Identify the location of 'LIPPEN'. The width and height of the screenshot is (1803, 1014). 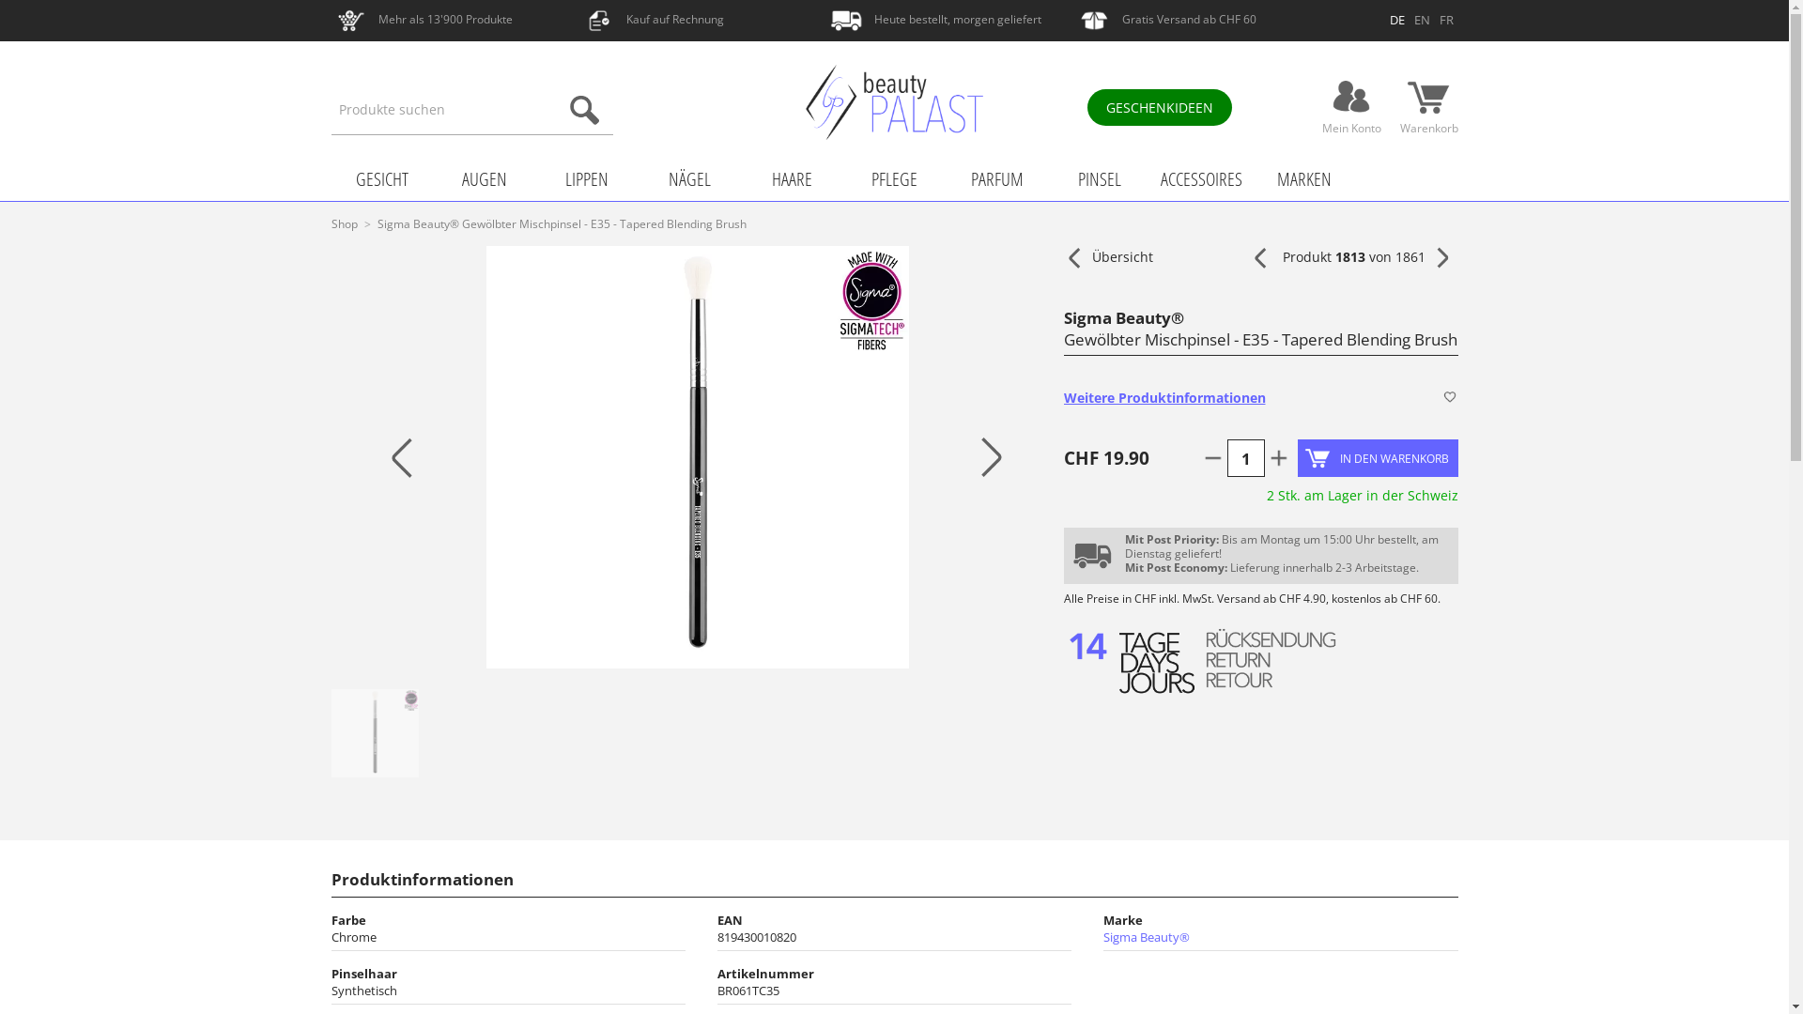
(586, 180).